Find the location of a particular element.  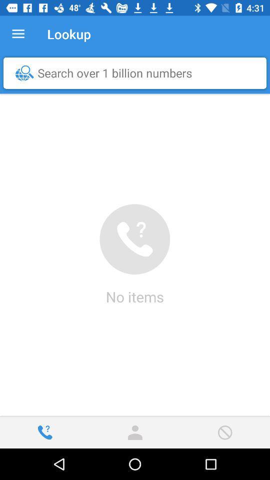

block icon is located at coordinates (224, 432).